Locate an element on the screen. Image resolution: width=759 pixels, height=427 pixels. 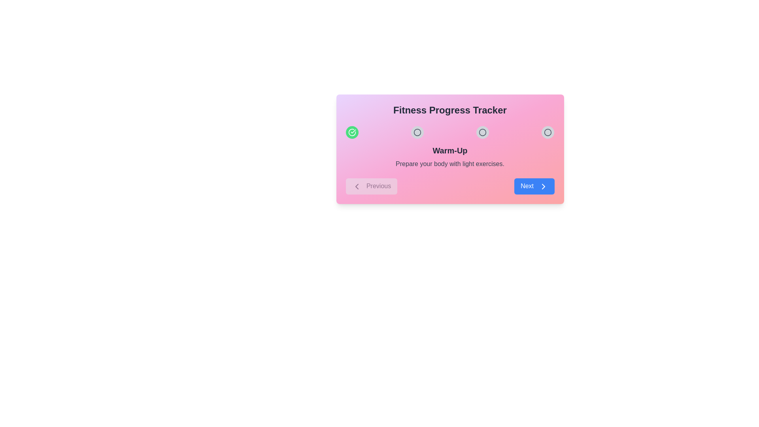
the navigation button located at the bottom-right corner of its containing card to proceed to the next step in the workflow is located at coordinates (534, 186).